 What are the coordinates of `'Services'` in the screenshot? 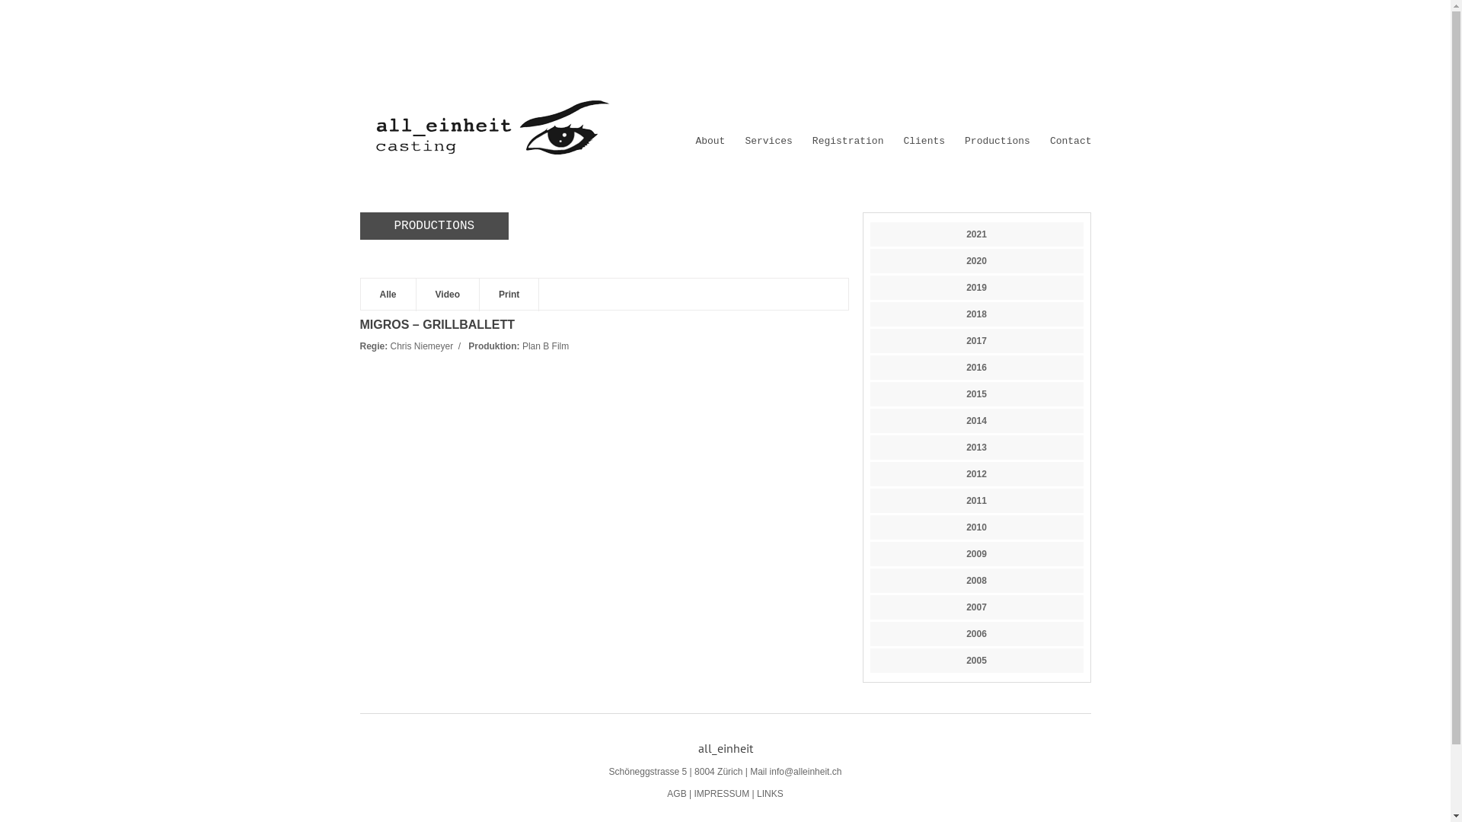 It's located at (768, 141).